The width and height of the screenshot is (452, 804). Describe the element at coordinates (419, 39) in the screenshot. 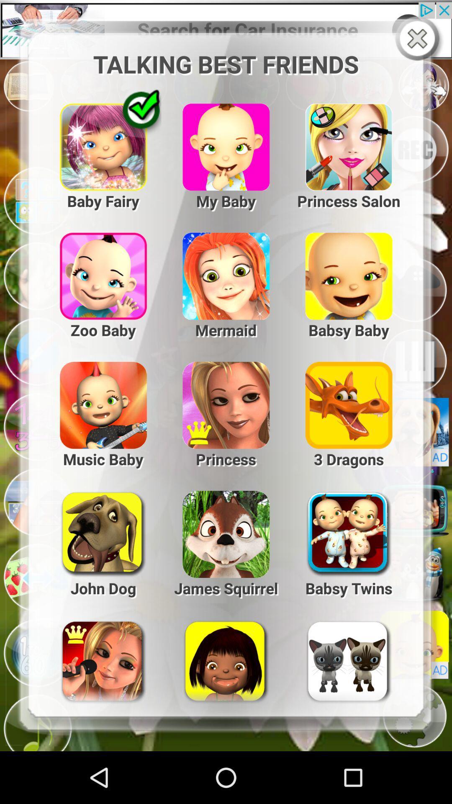

I see `switch close` at that location.